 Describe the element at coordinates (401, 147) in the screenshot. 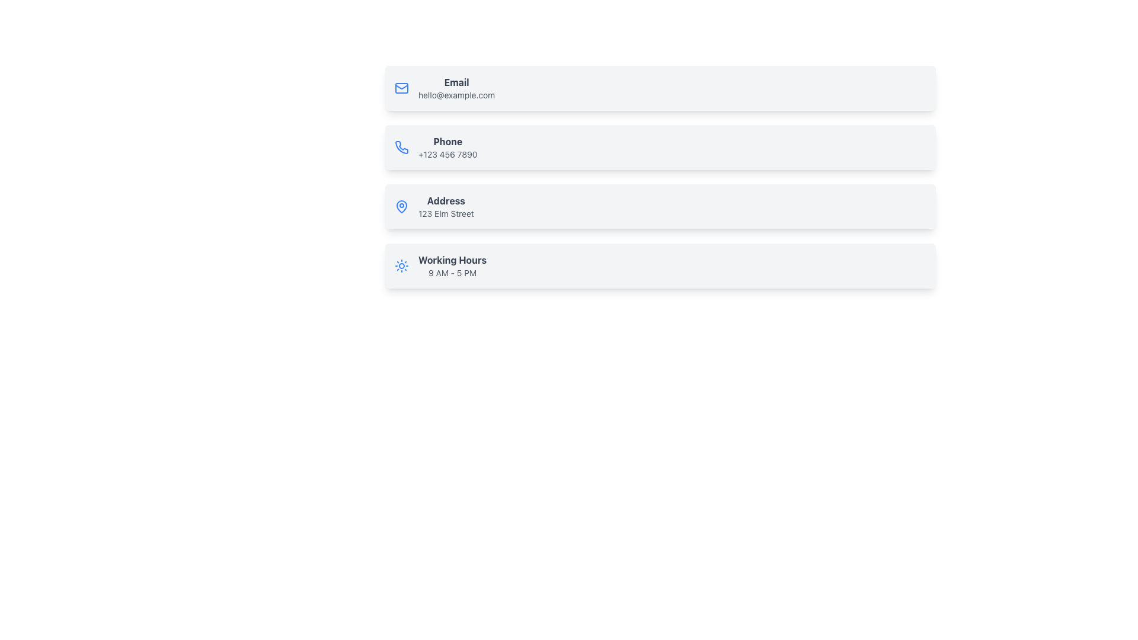

I see `the phone icon located at the top-left corner of the card labeled 'Phone +123 456 7890'` at that location.